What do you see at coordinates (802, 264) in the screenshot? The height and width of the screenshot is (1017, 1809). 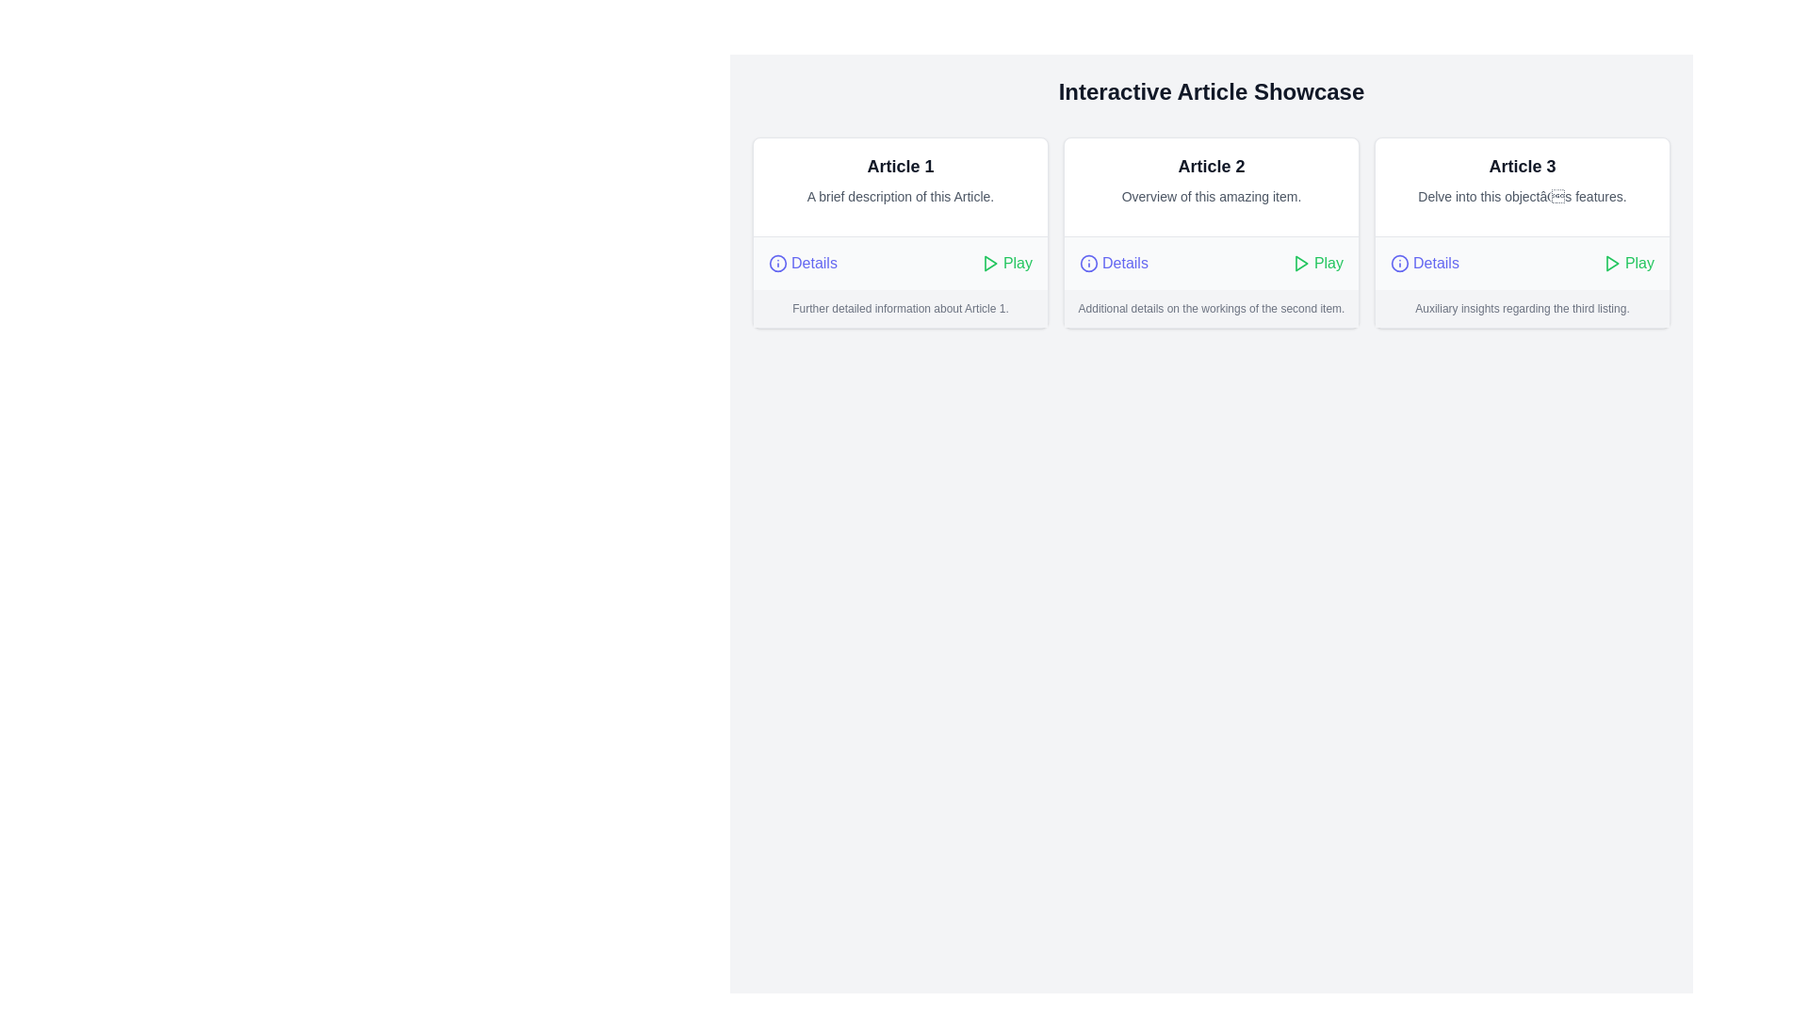 I see `the button or link located in the bottom section of the 'Article 1' card` at bounding box center [802, 264].